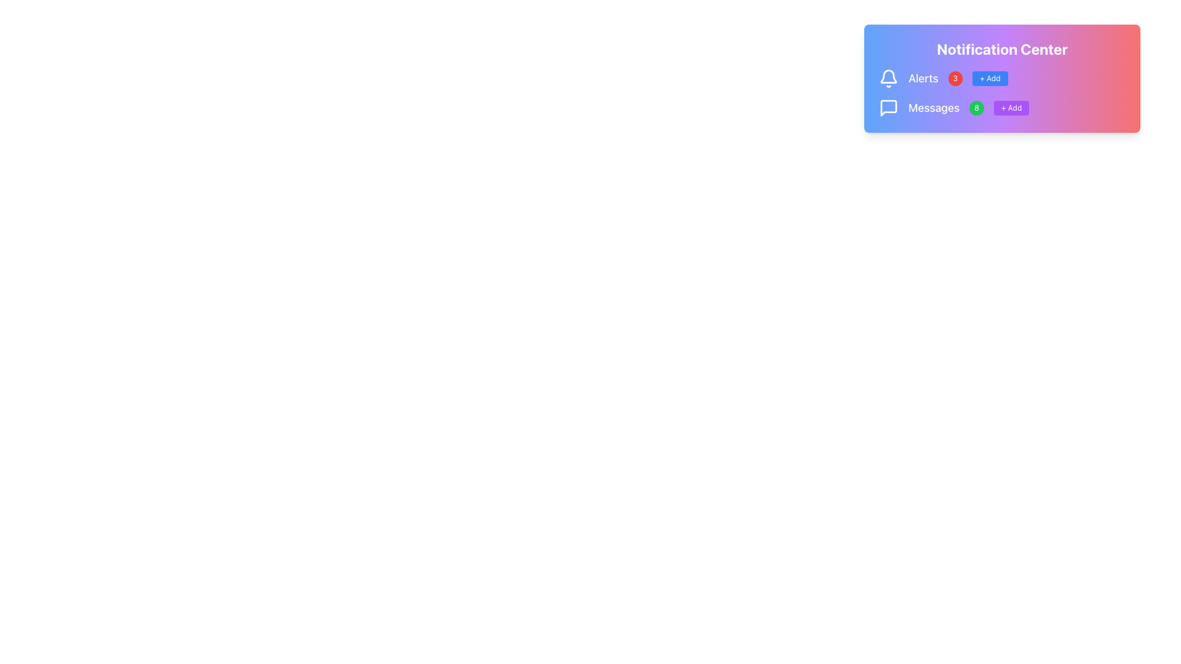 This screenshot has height=664, width=1181. Describe the element at coordinates (990, 78) in the screenshot. I see `the '+ Add' button with keyboard navigation in the Notification Center panel` at that location.